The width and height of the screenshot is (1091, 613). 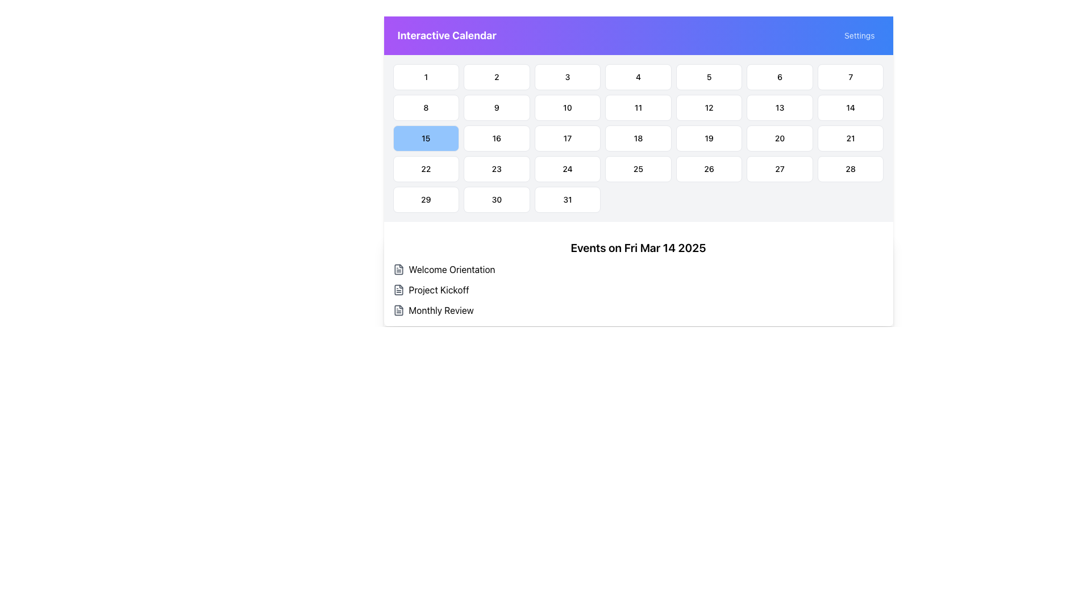 What do you see at coordinates (425, 199) in the screenshot?
I see `the Text Label displaying the date '29', which is located in the last row of the calendar grid, specifically in the first cell, centered in a white rounded rectangle` at bounding box center [425, 199].